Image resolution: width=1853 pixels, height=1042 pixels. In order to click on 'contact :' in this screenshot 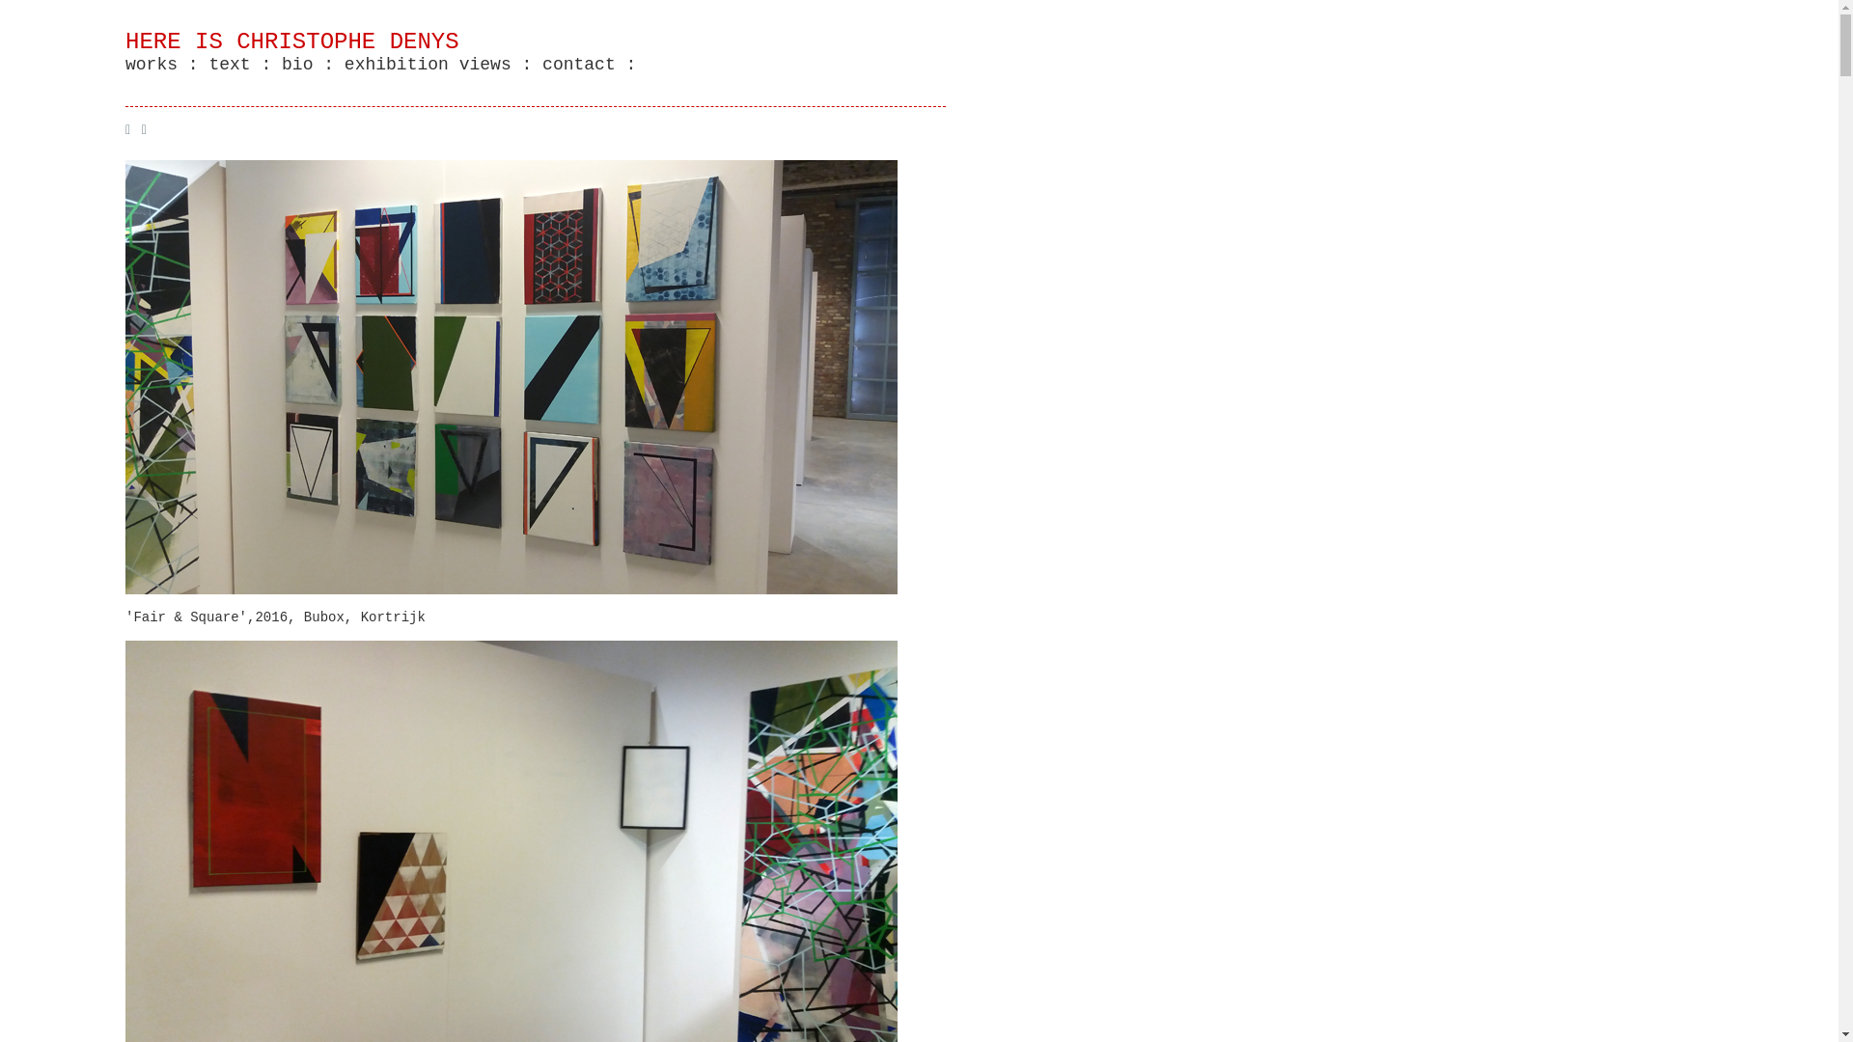, I will do `click(582, 63)`.